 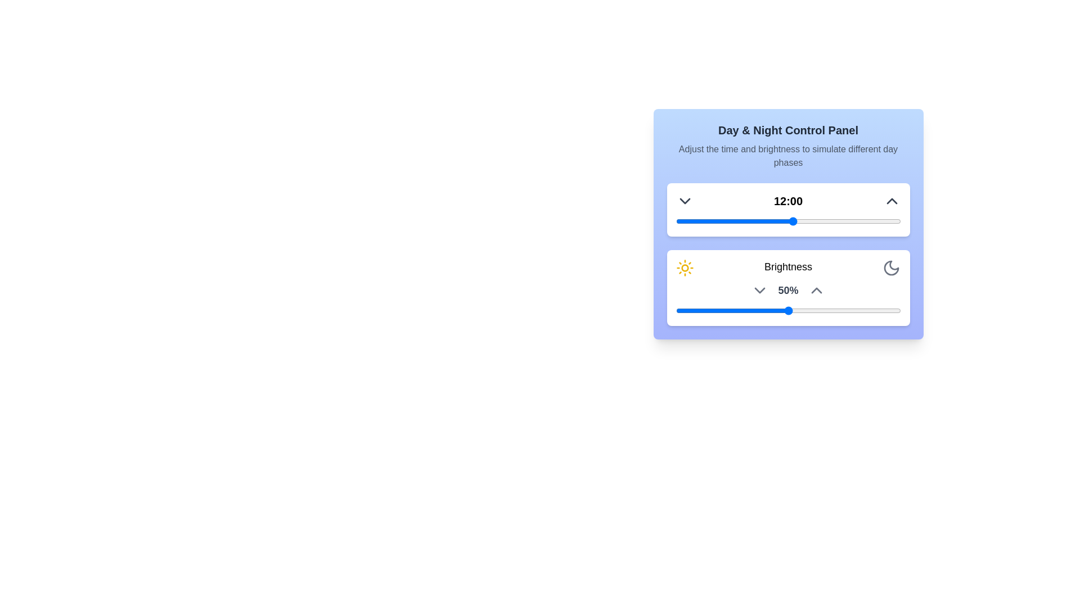 I want to click on the brightness increase button located to the far right of the 'Brightness' control section, next to a percentage indicator ('50%'), so click(x=816, y=289).